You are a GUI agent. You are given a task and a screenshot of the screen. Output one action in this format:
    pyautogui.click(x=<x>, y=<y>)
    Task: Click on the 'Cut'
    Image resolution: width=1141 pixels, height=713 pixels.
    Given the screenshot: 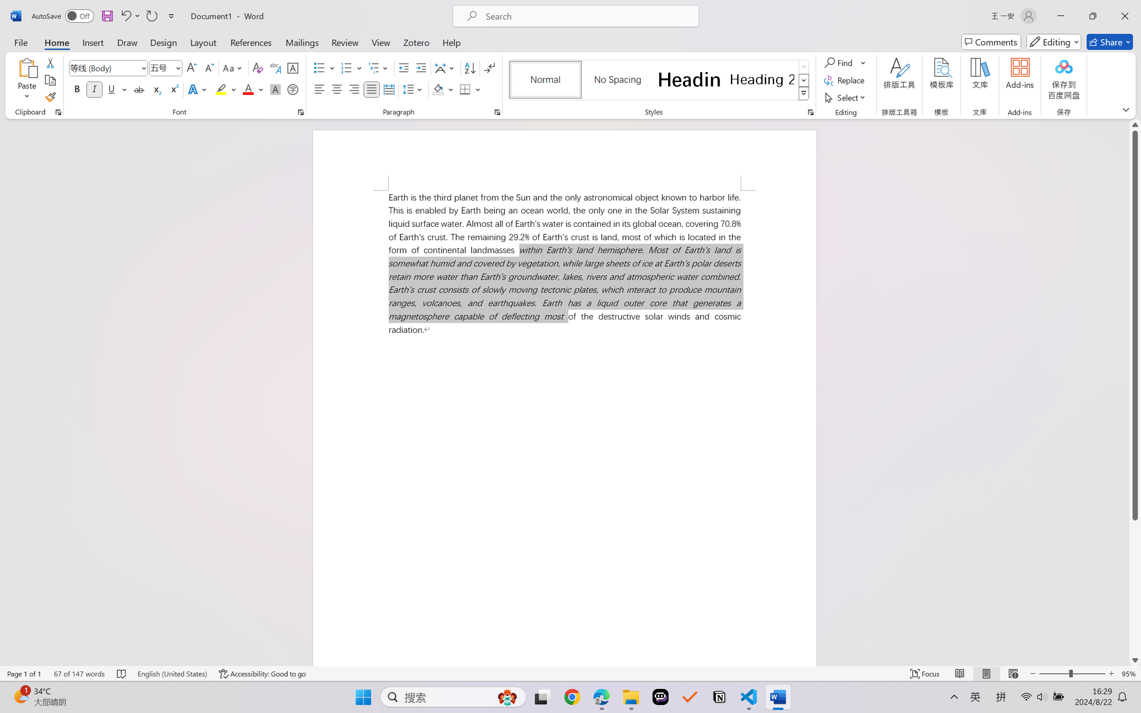 What is the action you would take?
    pyautogui.click(x=50, y=62)
    